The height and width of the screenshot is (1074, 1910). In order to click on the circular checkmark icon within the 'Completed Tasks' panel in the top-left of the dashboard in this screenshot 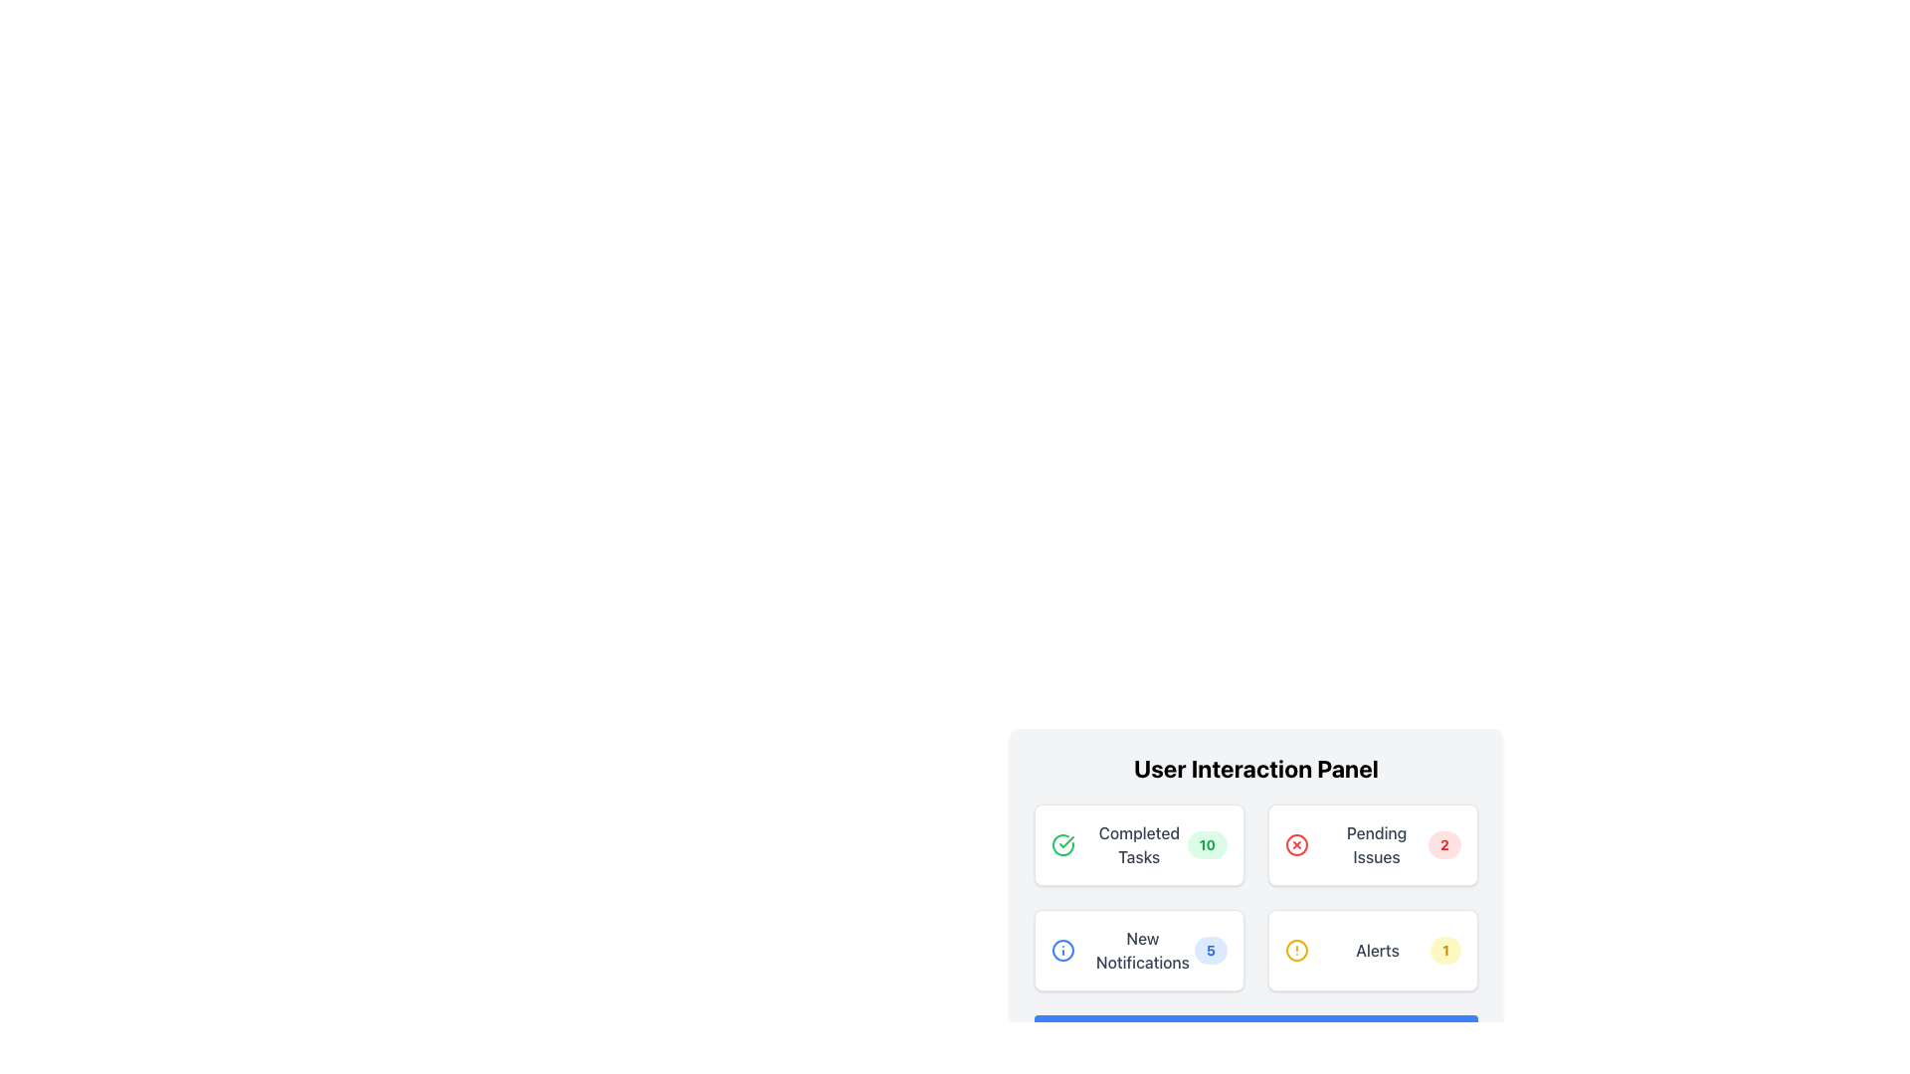, I will do `click(1062, 844)`.